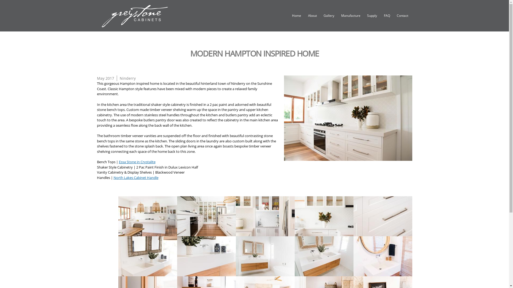 This screenshot has width=513, height=288. I want to click on 'Modern Hampton Home Glass Pantry Doors', so click(206, 233).